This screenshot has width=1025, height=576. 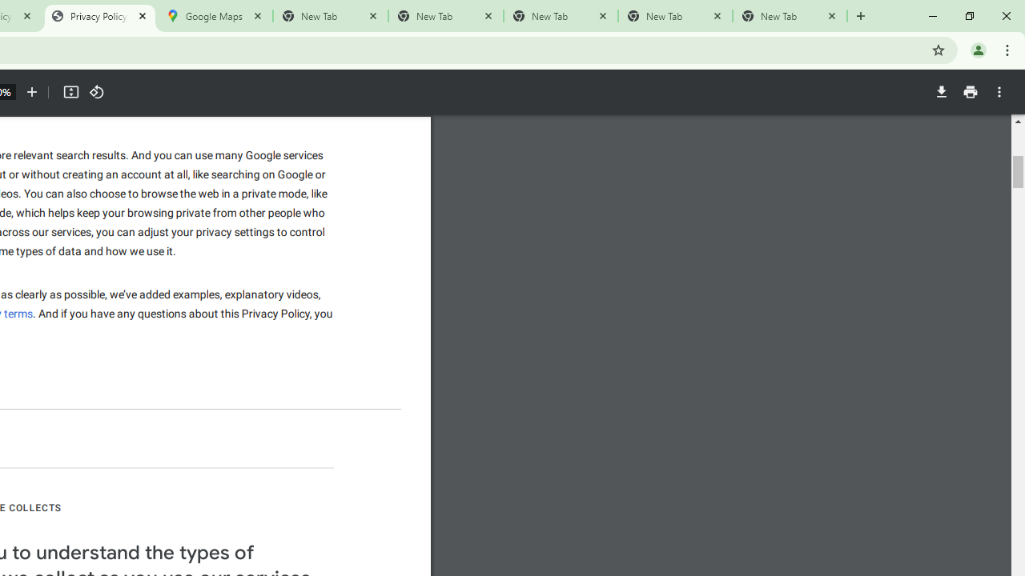 I want to click on 'New Tab', so click(x=790, y=16).